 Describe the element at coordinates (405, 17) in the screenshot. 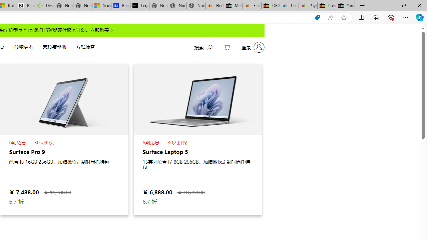

I see `'Settings and more (Alt+F)'` at that location.